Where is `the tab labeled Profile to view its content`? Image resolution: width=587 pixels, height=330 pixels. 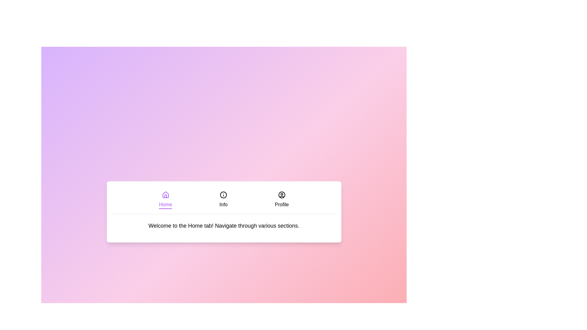
the tab labeled Profile to view its content is located at coordinates (281, 200).